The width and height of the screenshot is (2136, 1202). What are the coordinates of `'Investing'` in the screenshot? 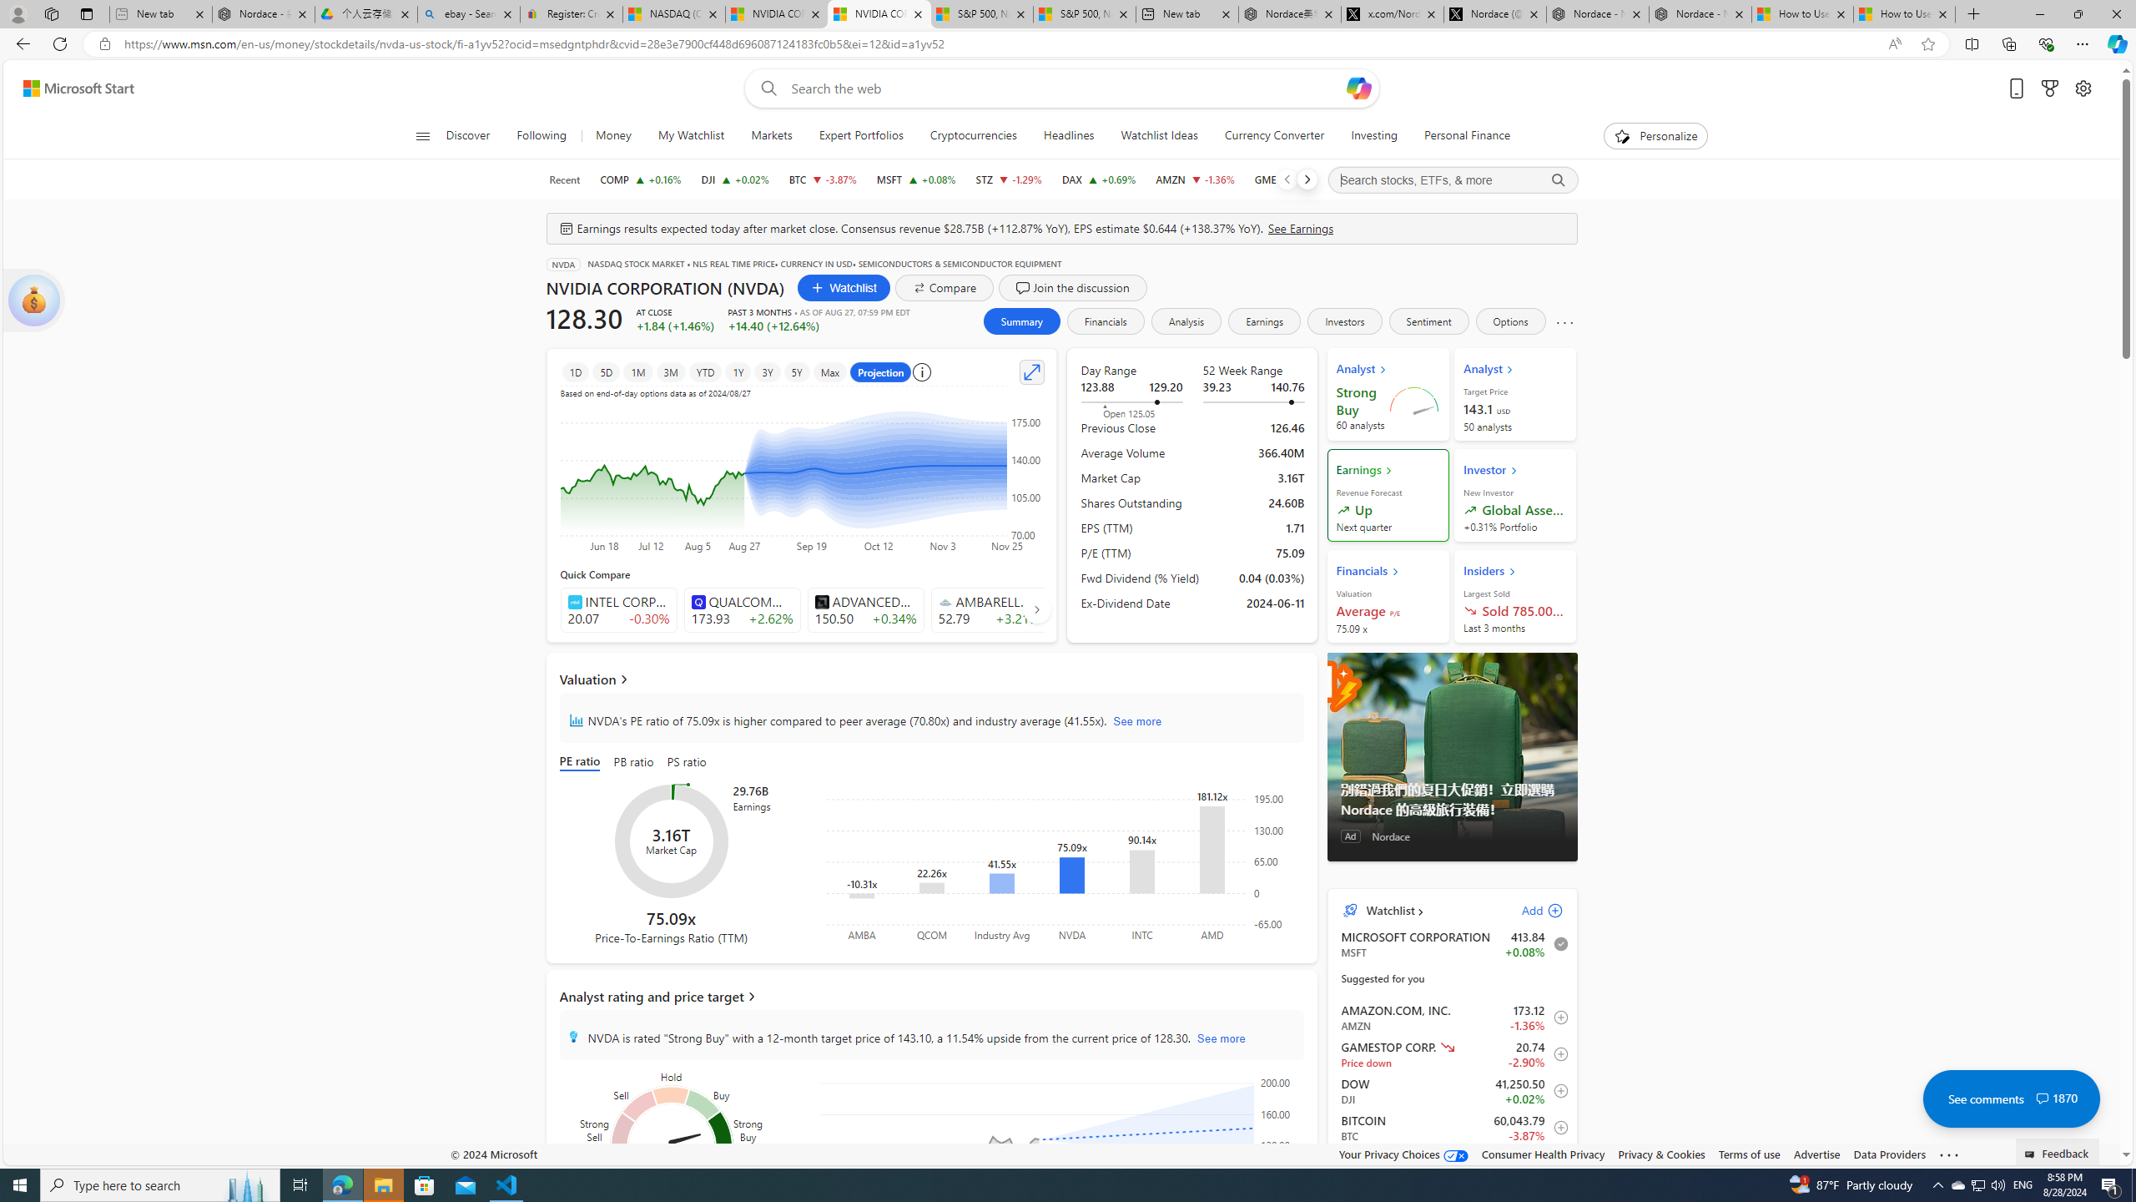 It's located at (1373, 135).